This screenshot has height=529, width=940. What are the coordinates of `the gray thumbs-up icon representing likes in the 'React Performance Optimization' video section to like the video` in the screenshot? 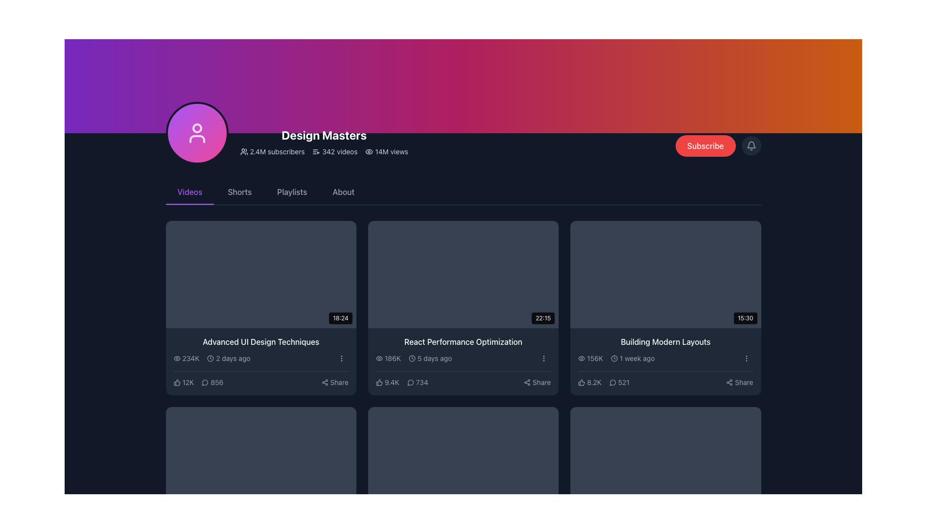 It's located at (378, 382).